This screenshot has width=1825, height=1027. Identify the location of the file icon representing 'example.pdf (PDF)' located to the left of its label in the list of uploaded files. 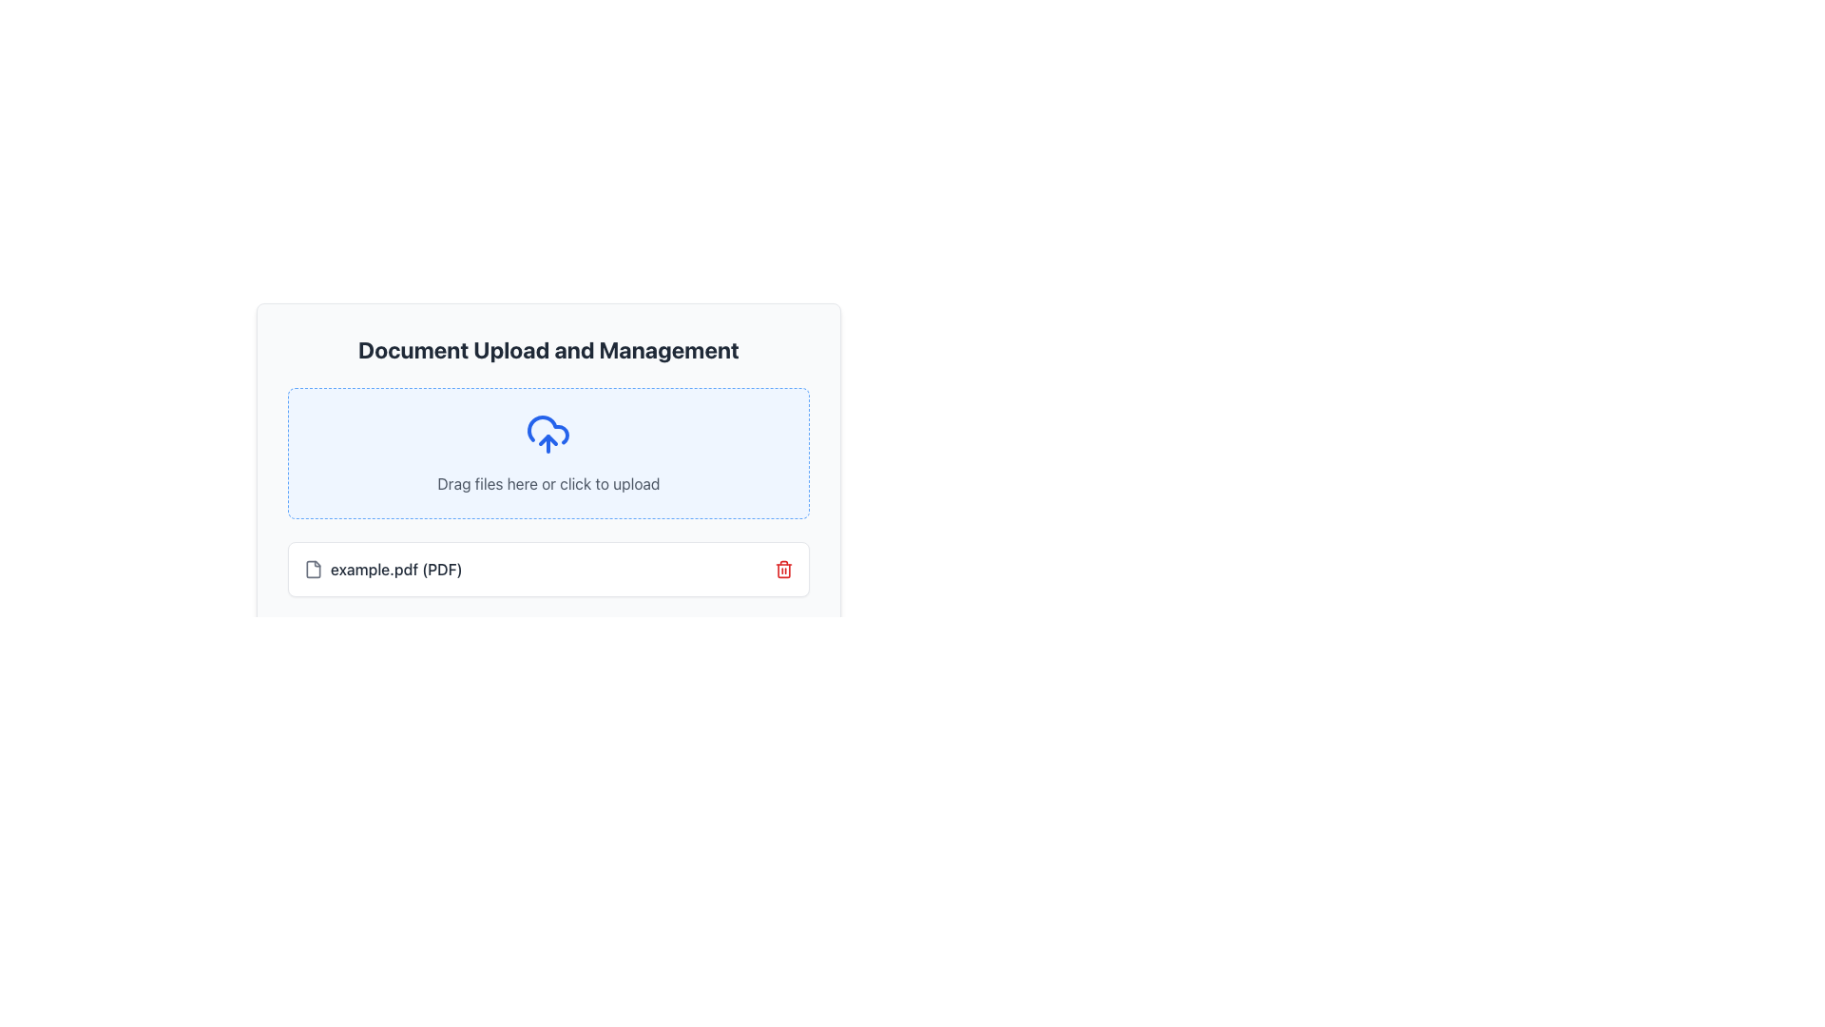
(314, 568).